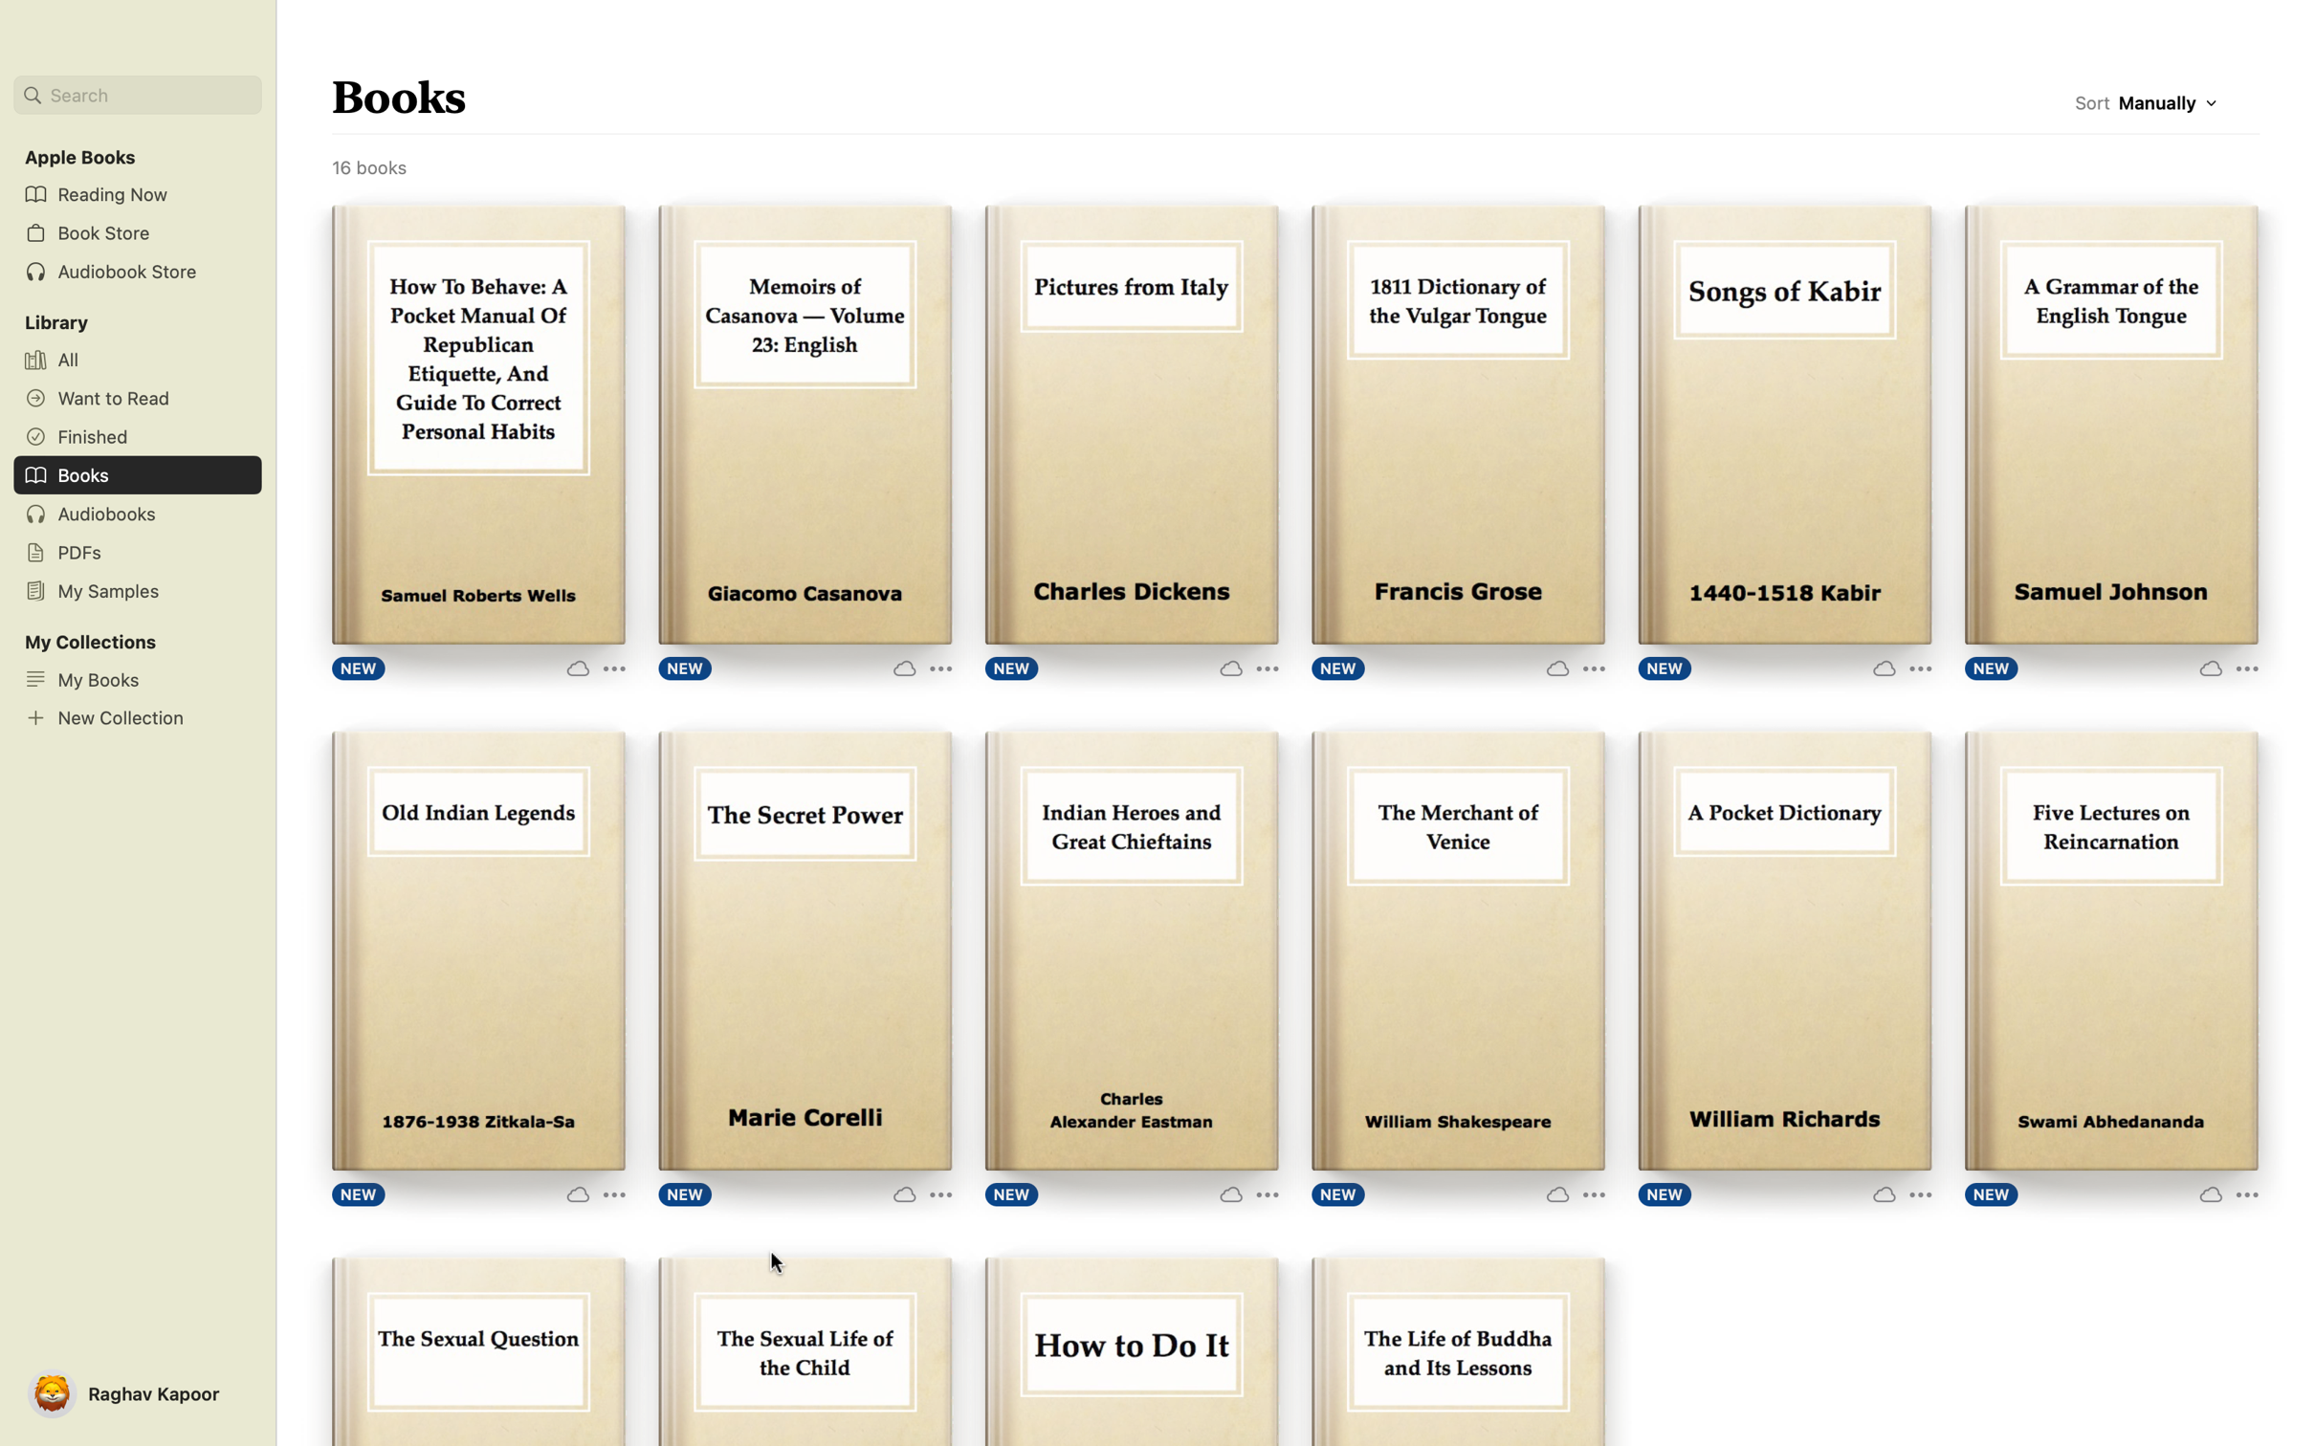 The width and height of the screenshot is (2315, 1446). Describe the element at coordinates (1784, 425) in the screenshot. I see `To read "Songs of Kabir", double click on it` at that location.